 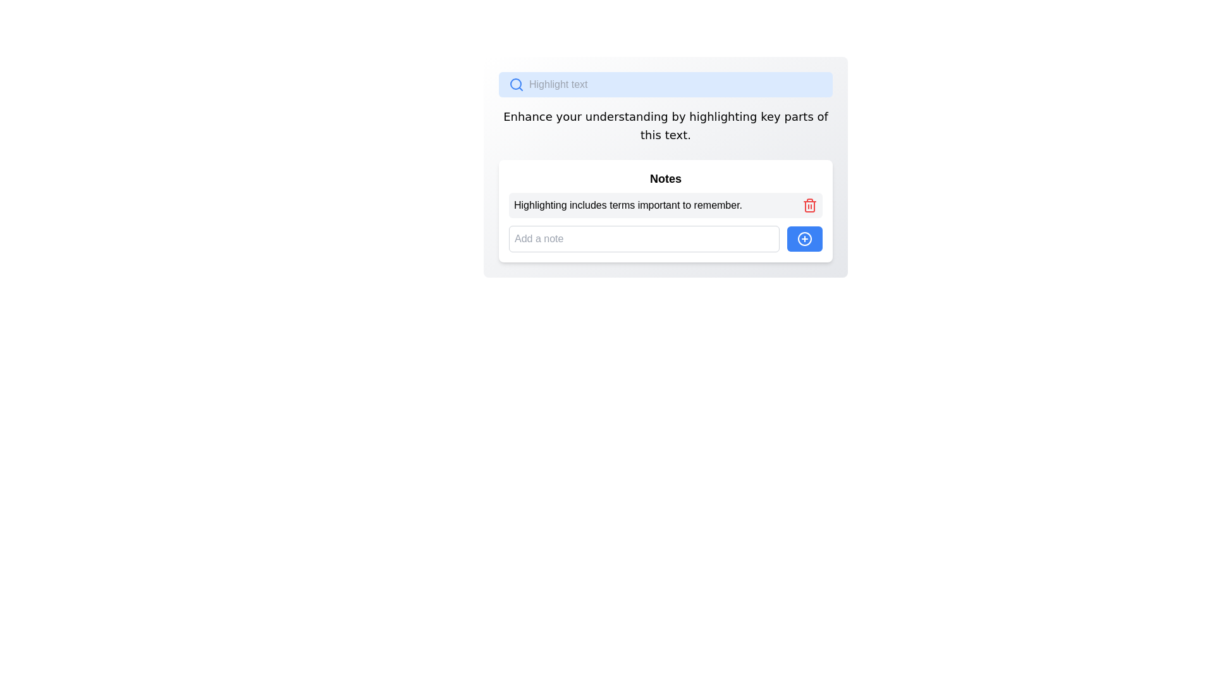 I want to click on the non-interactive text element that conveys information, specifically targeting the 6th character in the word 'text' in the phrase 'Enhance your understanding by highlighting key parts of this text.', so click(x=672, y=135).